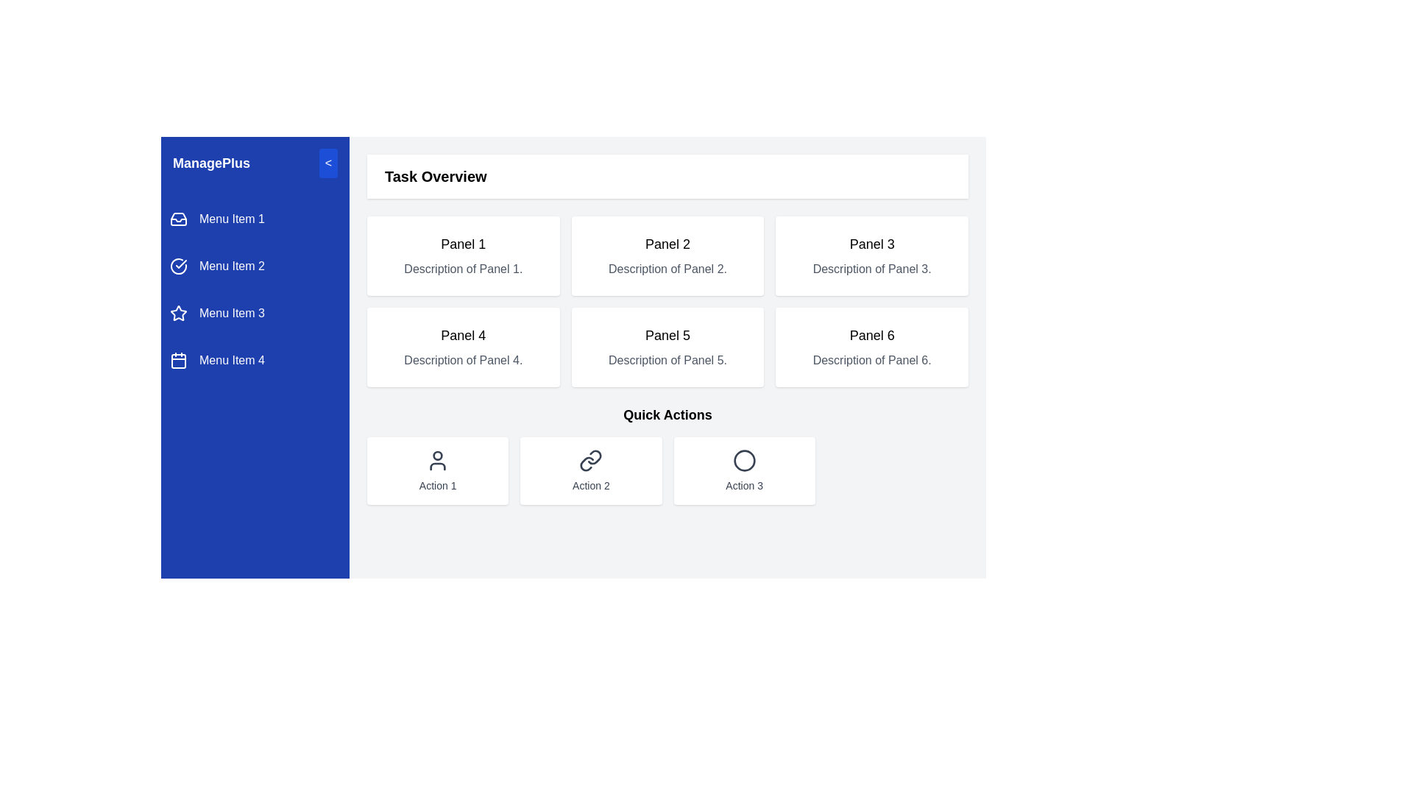 The image size is (1413, 795). What do you see at coordinates (744, 471) in the screenshot?
I see `the rectangular button labeled 'Action 3', which is located in the third column of the 'Quick Actions' grid layout` at bounding box center [744, 471].